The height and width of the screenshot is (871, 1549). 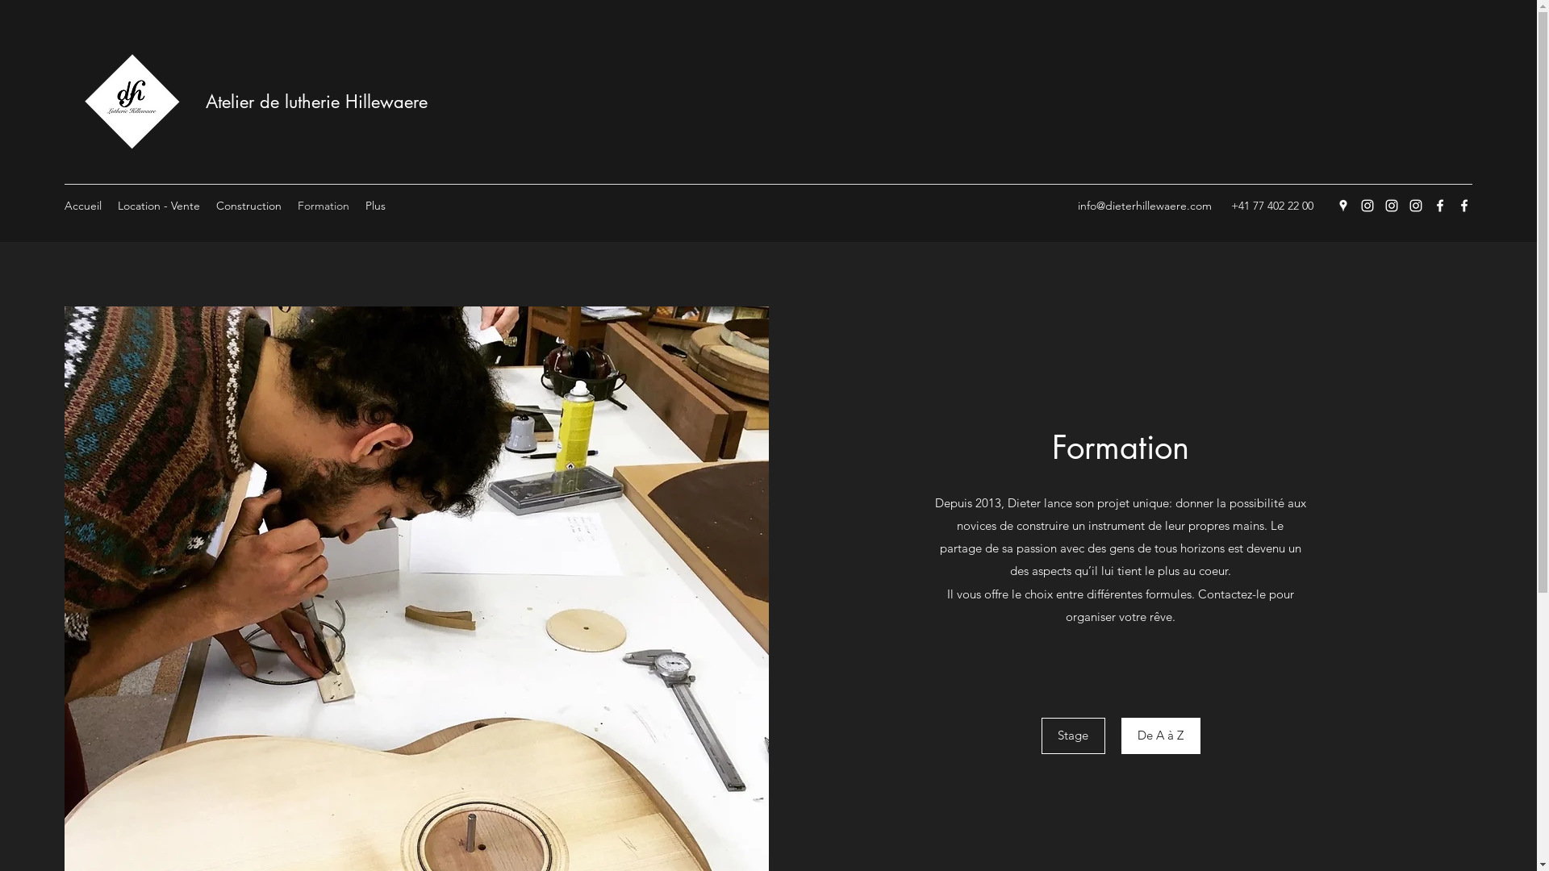 What do you see at coordinates (248, 204) in the screenshot?
I see `'Construction'` at bounding box center [248, 204].